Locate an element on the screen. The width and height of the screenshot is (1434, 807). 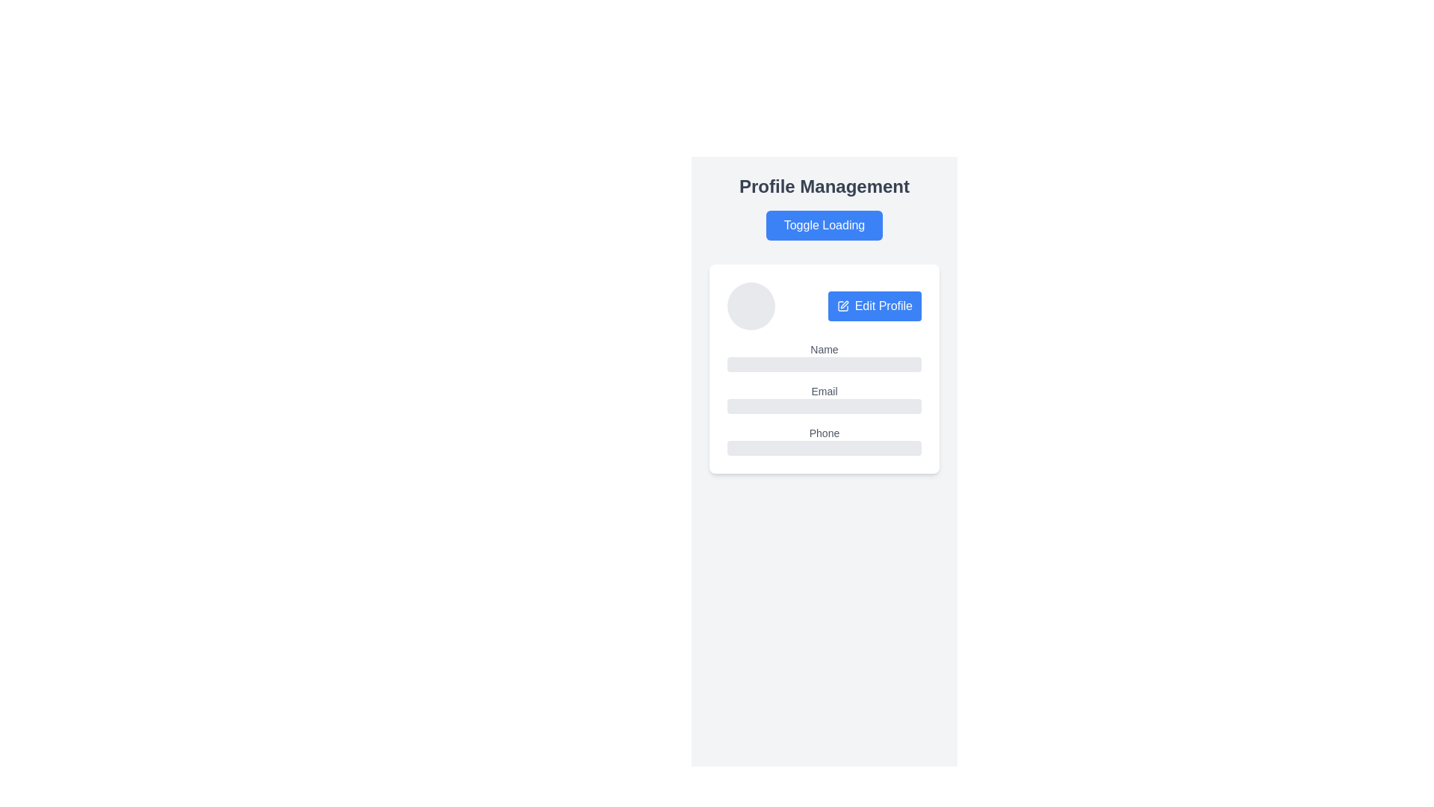
the 'Edit Profile' text label displayed in white font inside a blue rounded rectangle, positioned in the top-right corner of the profile card is located at coordinates (884, 305).